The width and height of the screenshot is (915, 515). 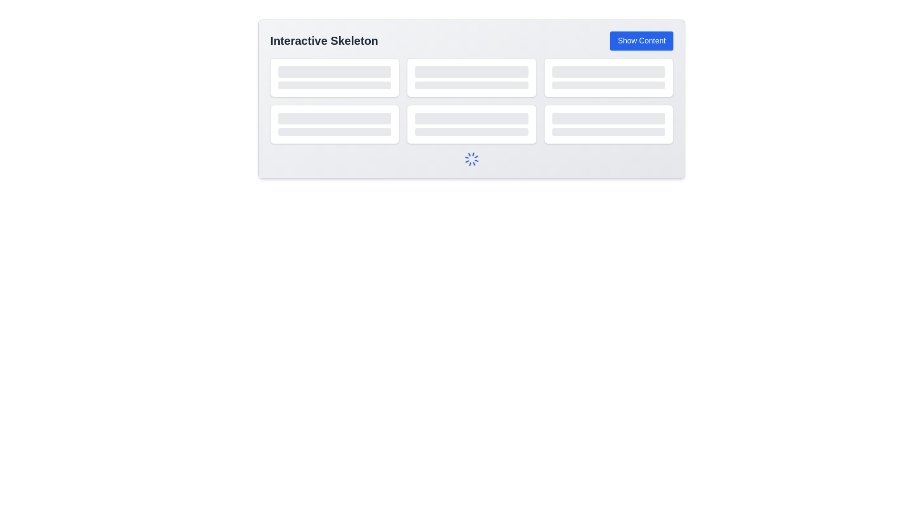 What do you see at coordinates (608, 124) in the screenshot?
I see `the state of the Skeleton loader block located in the third column of the fourth row, positioned towards the bottom-right of the layout` at bounding box center [608, 124].